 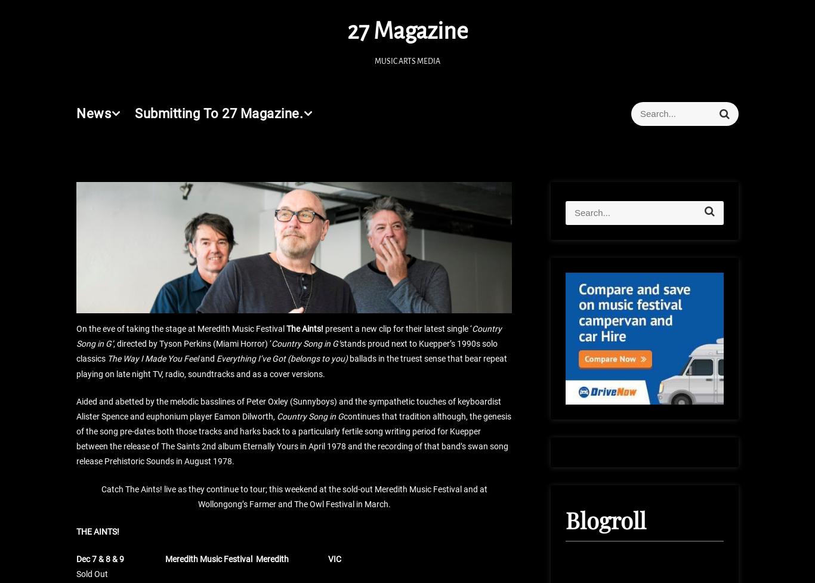 I want to click on 'Review: Depthless', so click(x=353, y=32).